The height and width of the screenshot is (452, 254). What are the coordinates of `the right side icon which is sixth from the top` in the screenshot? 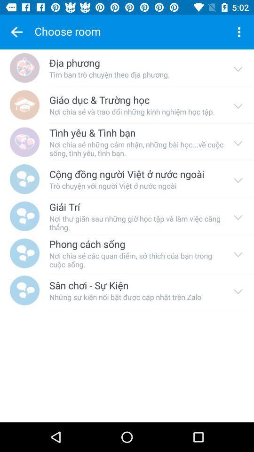 It's located at (237, 252).